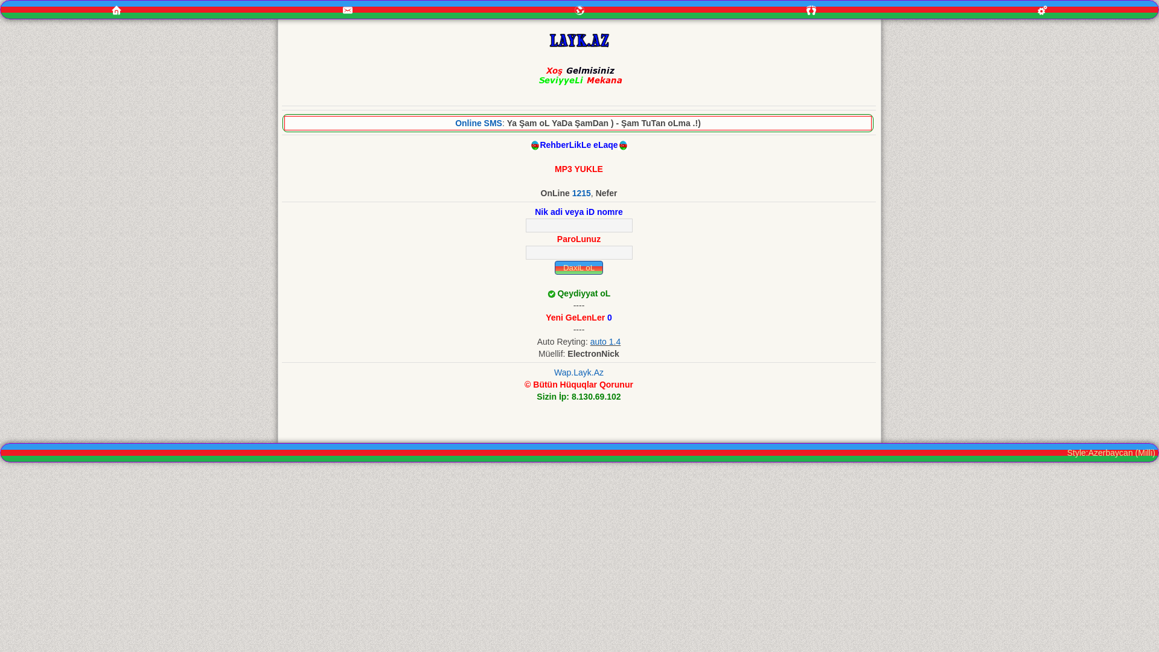  Describe the element at coordinates (116, 9) in the screenshot. I see `'Ana Sehife'` at that location.